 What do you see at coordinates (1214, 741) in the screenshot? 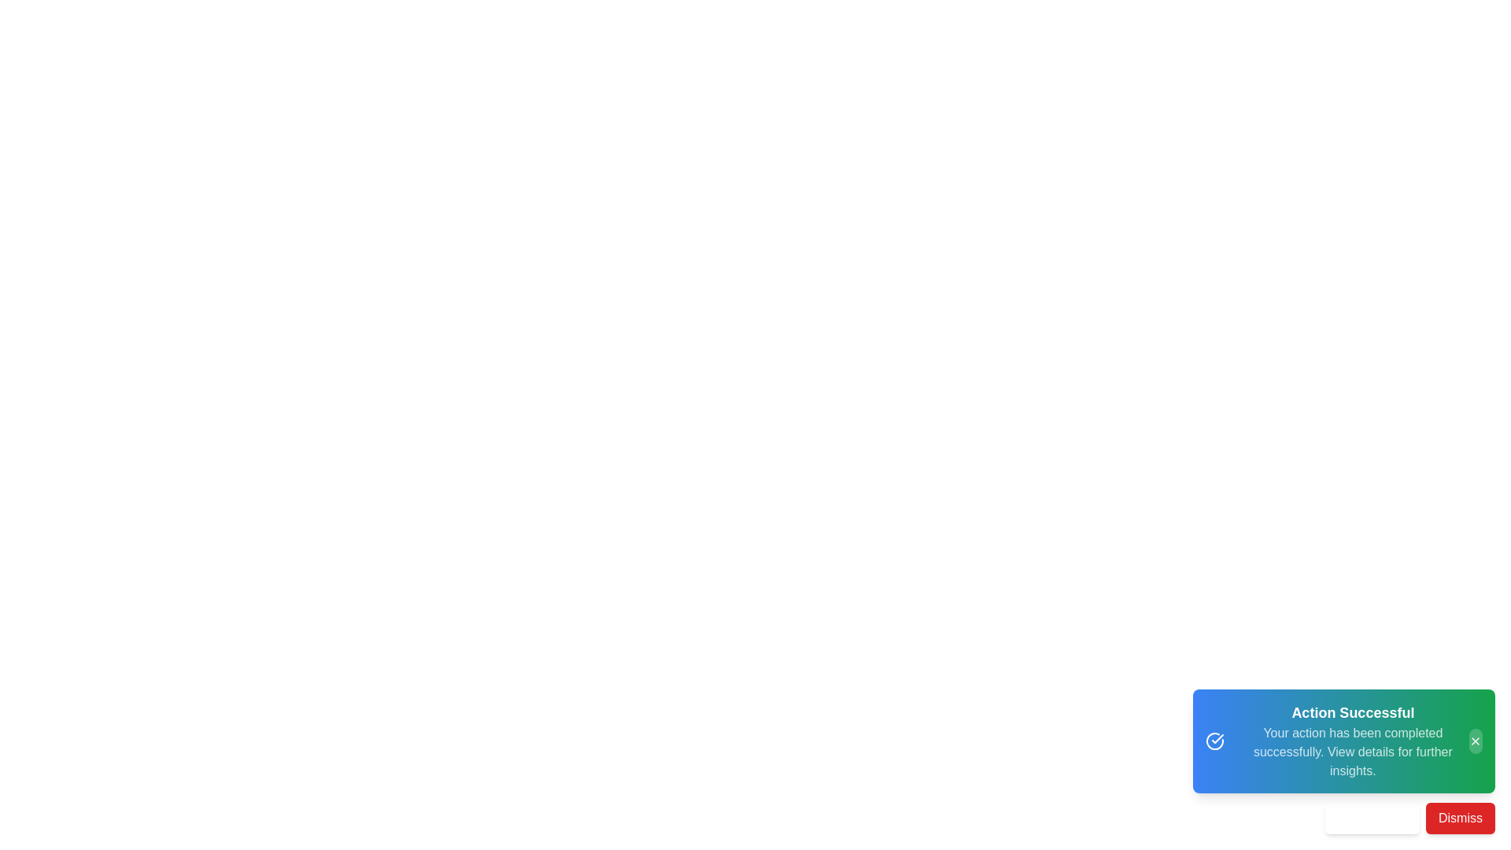
I see `the success icon to observe its details` at bounding box center [1214, 741].